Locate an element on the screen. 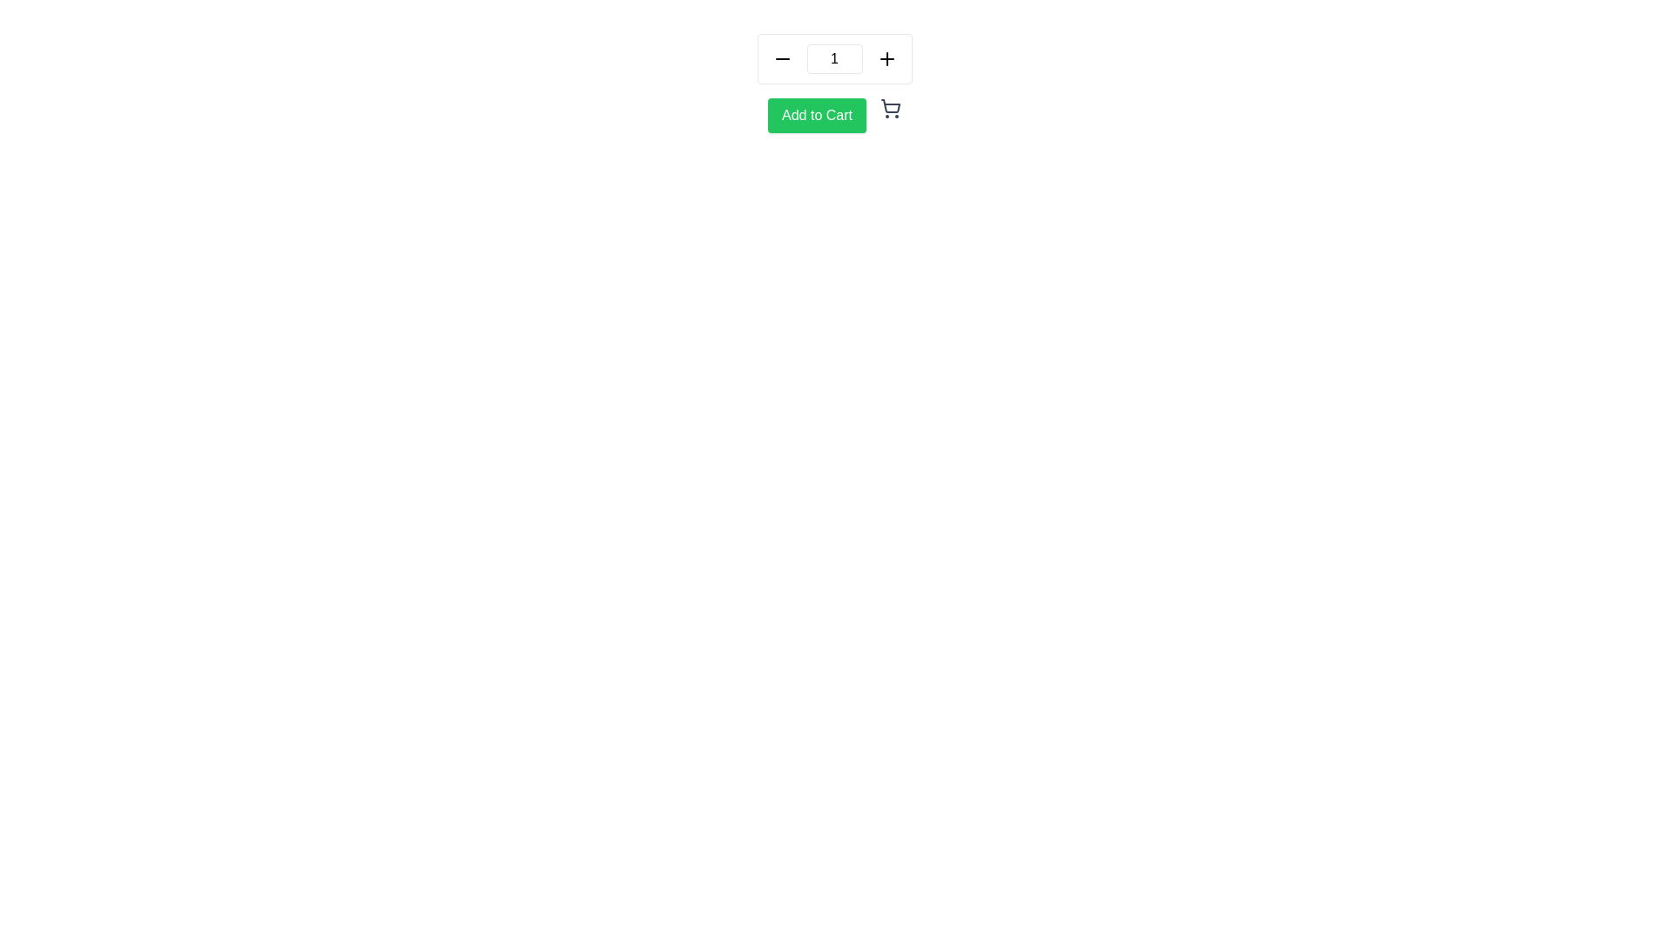 This screenshot has height=940, width=1672. the first button in a horizontal arrangement, which is styled as a square with a gray hover effect and contains a minus symbol (−) at its center is located at coordinates (781, 58).